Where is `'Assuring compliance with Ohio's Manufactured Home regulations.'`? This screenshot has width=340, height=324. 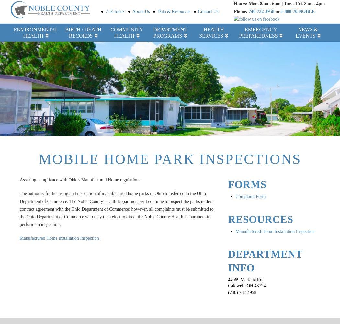 'Assuring compliance with Ohio's Manufactured Home regulations.' is located at coordinates (80, 180).